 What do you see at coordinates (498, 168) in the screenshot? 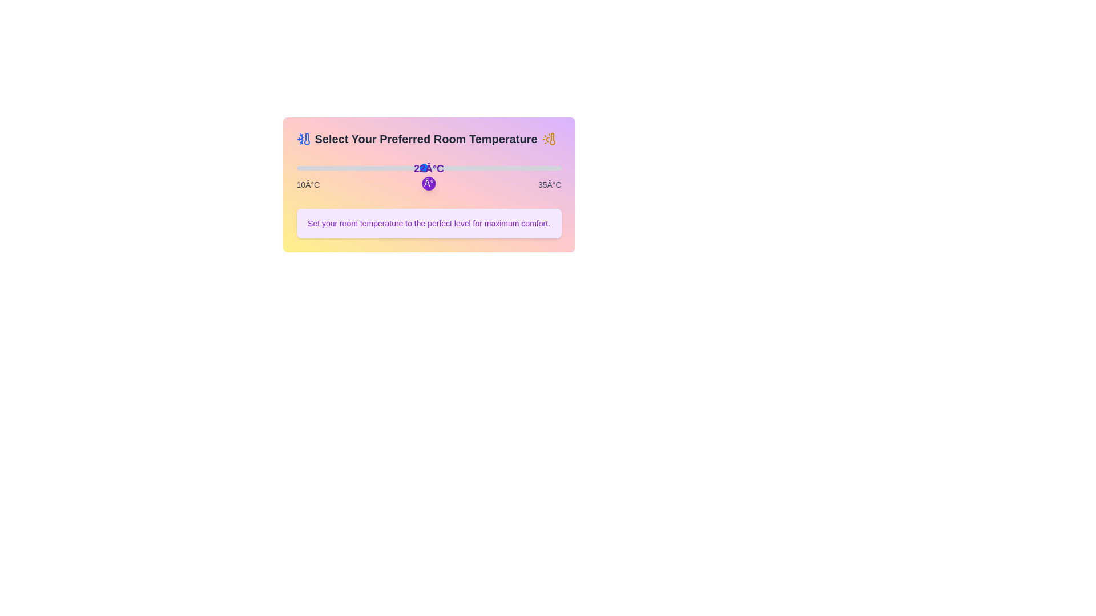
I see `the slider to a specific temperature 29 in degrees Celsius` at bounding box center [498, 168].